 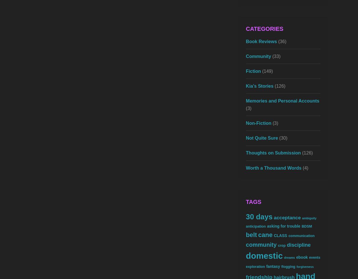 What do you see at coordinates (273, 266) in the screenshot?
I see `'fantasy'` at bounding box center [273, 266].